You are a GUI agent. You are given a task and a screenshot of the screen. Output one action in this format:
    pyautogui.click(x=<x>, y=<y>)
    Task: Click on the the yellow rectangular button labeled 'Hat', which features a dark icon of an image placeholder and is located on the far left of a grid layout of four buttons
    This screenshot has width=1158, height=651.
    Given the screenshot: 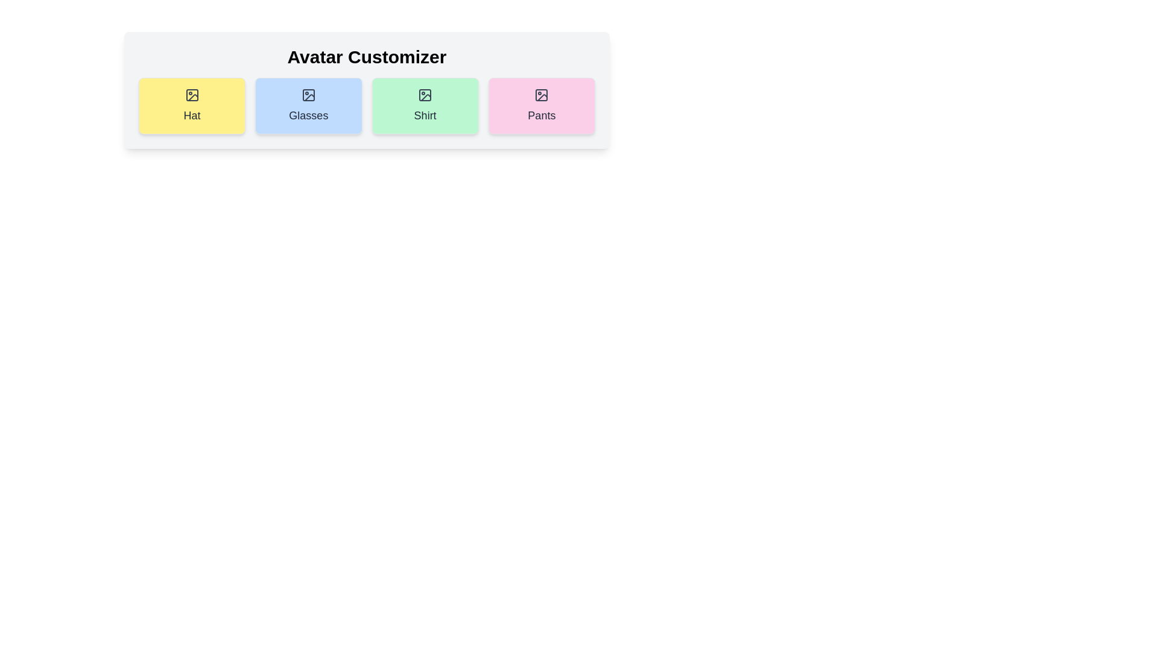 What is the action you would take?
    pyautogui.click(x=191, y=105)
    